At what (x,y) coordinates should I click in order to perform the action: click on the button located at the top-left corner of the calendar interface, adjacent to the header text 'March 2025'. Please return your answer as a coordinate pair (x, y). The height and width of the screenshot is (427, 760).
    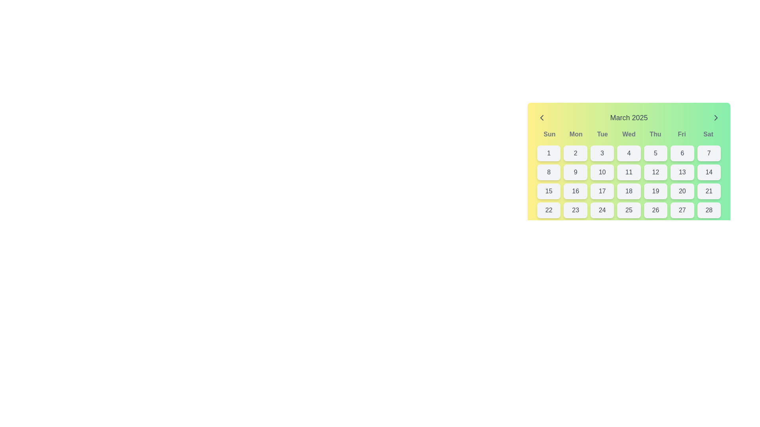
    Looking at the image, I should click on (541, 117).